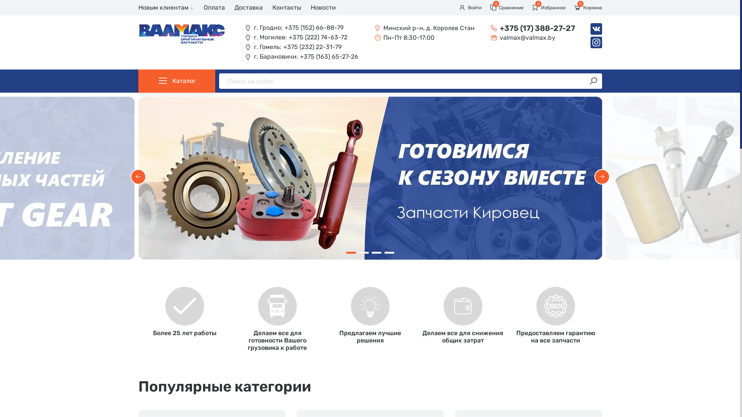 This screenshot has height=417, width=742. What do you see at coordinates (596, 28) in the screenshot?
I see `'VK'` at bounding box center [596, 28].